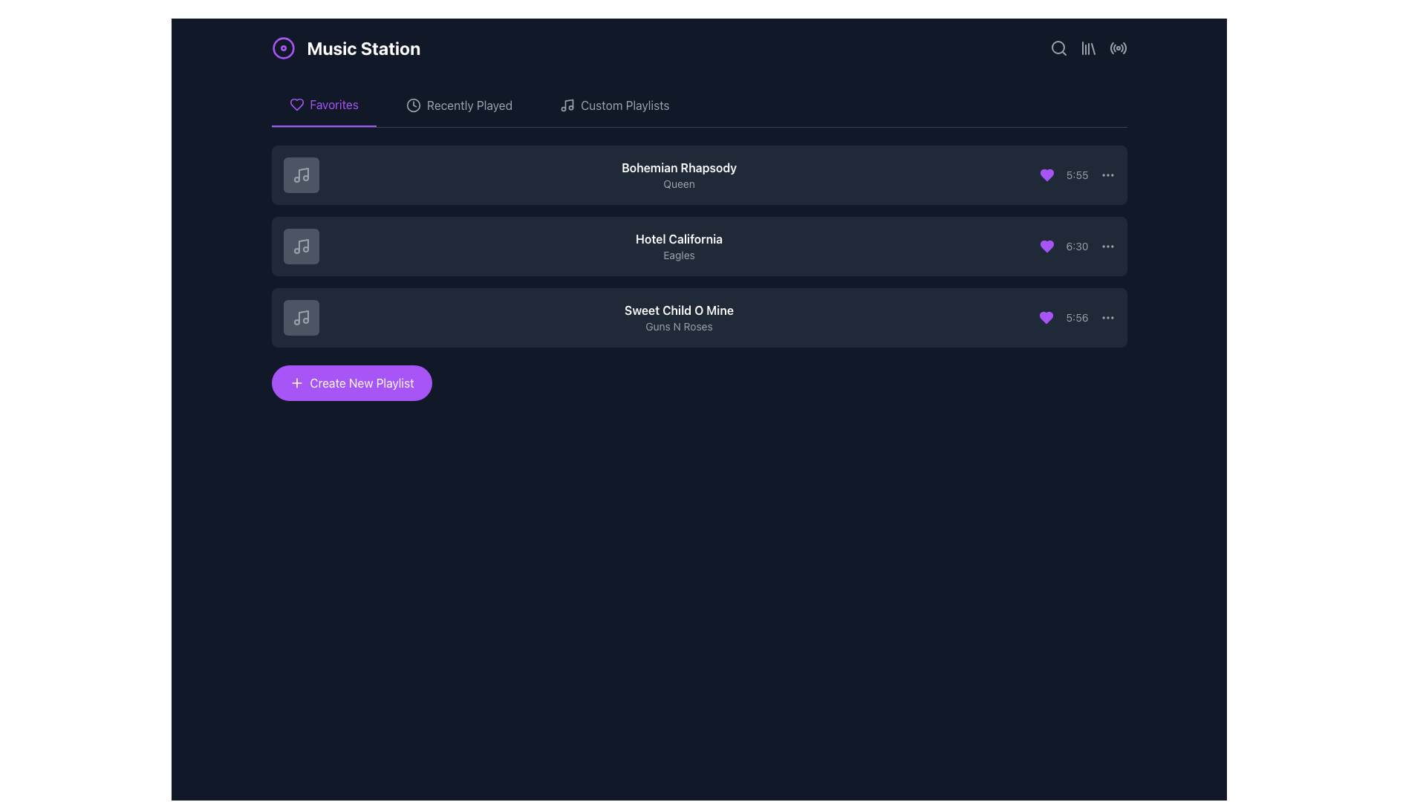  I want to click on the purple heart icon button indicating a favorite or like functionality, located next to the timestamp '5:56' in the right section of the last list item of the playlist, so click(1046, 317).